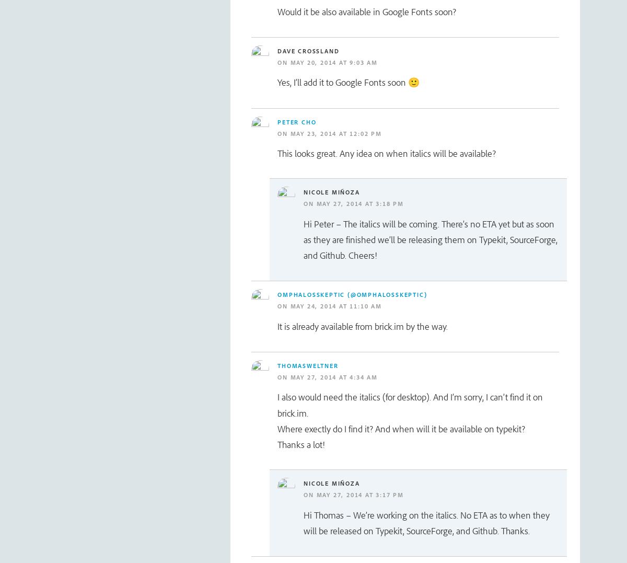  What do you see at coordinates (277, 121) in the screenshot?
I see `'Peter Cho'` at bounding box center [277, 121].